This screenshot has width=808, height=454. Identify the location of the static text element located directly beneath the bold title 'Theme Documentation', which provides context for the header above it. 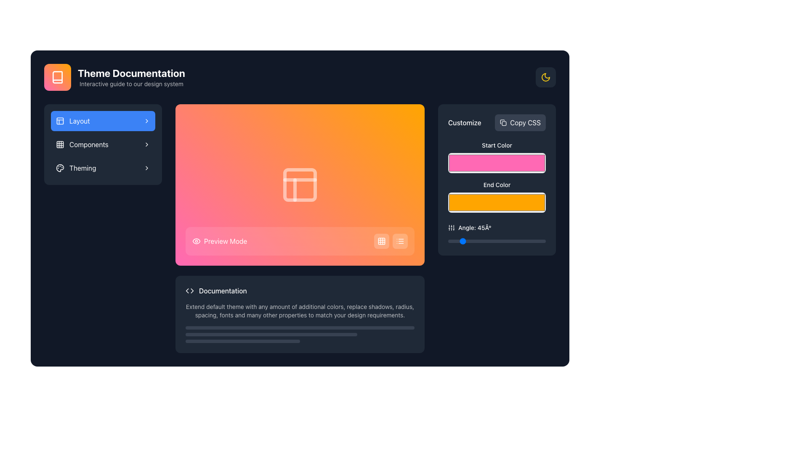
(131, 84).